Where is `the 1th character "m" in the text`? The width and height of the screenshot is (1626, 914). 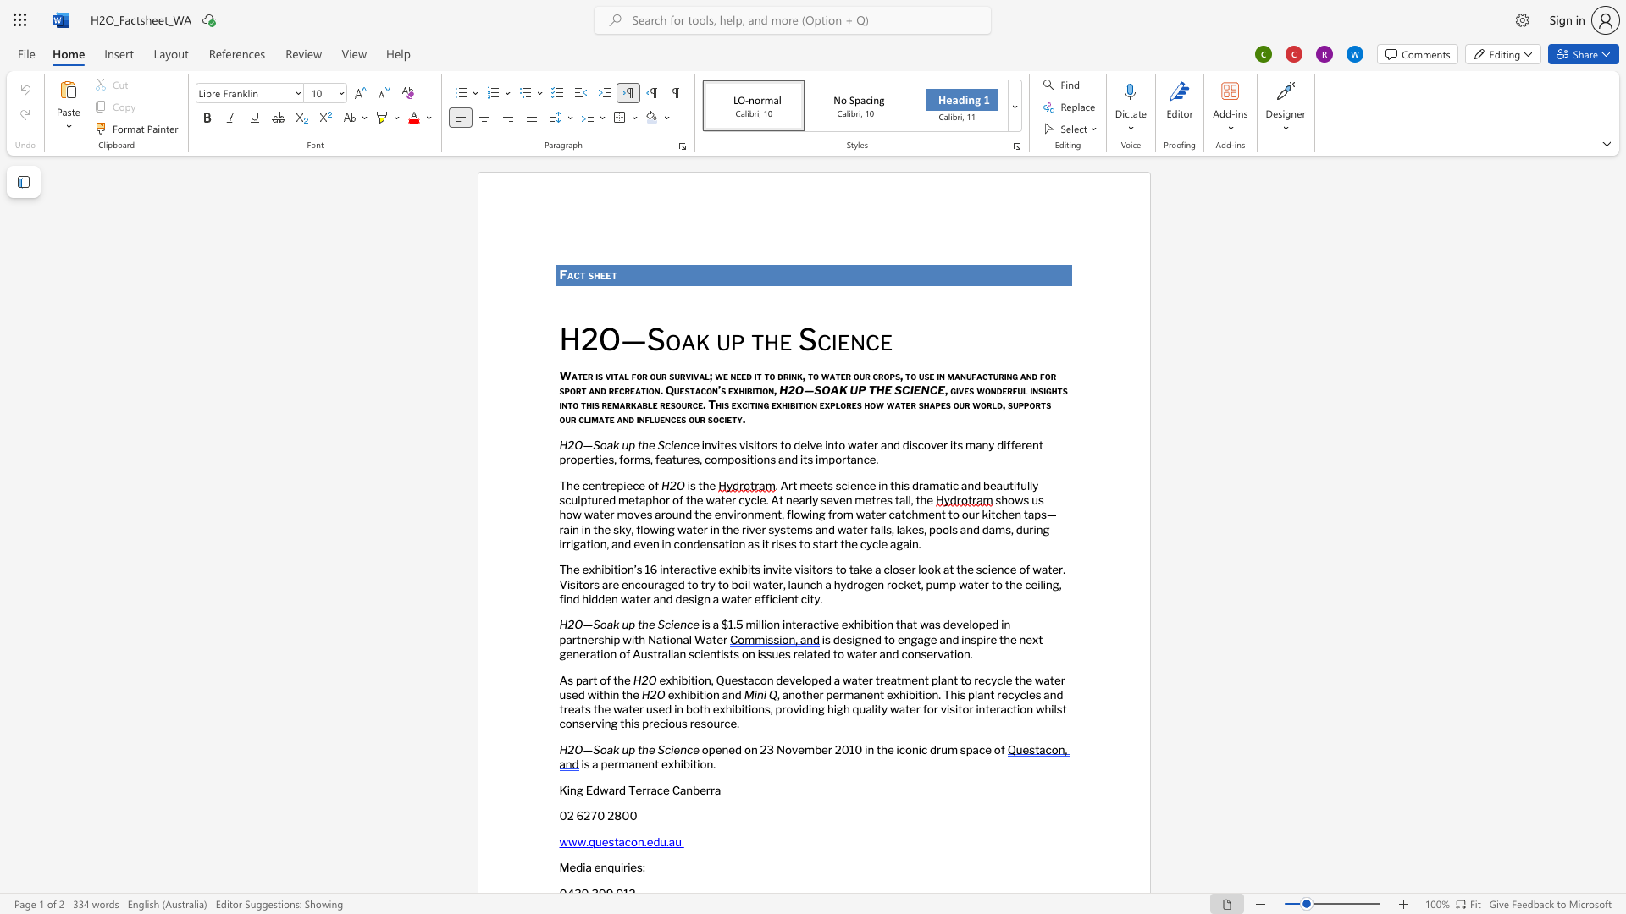 the 1th character "m" in the text is located at coordinates (849, 694).